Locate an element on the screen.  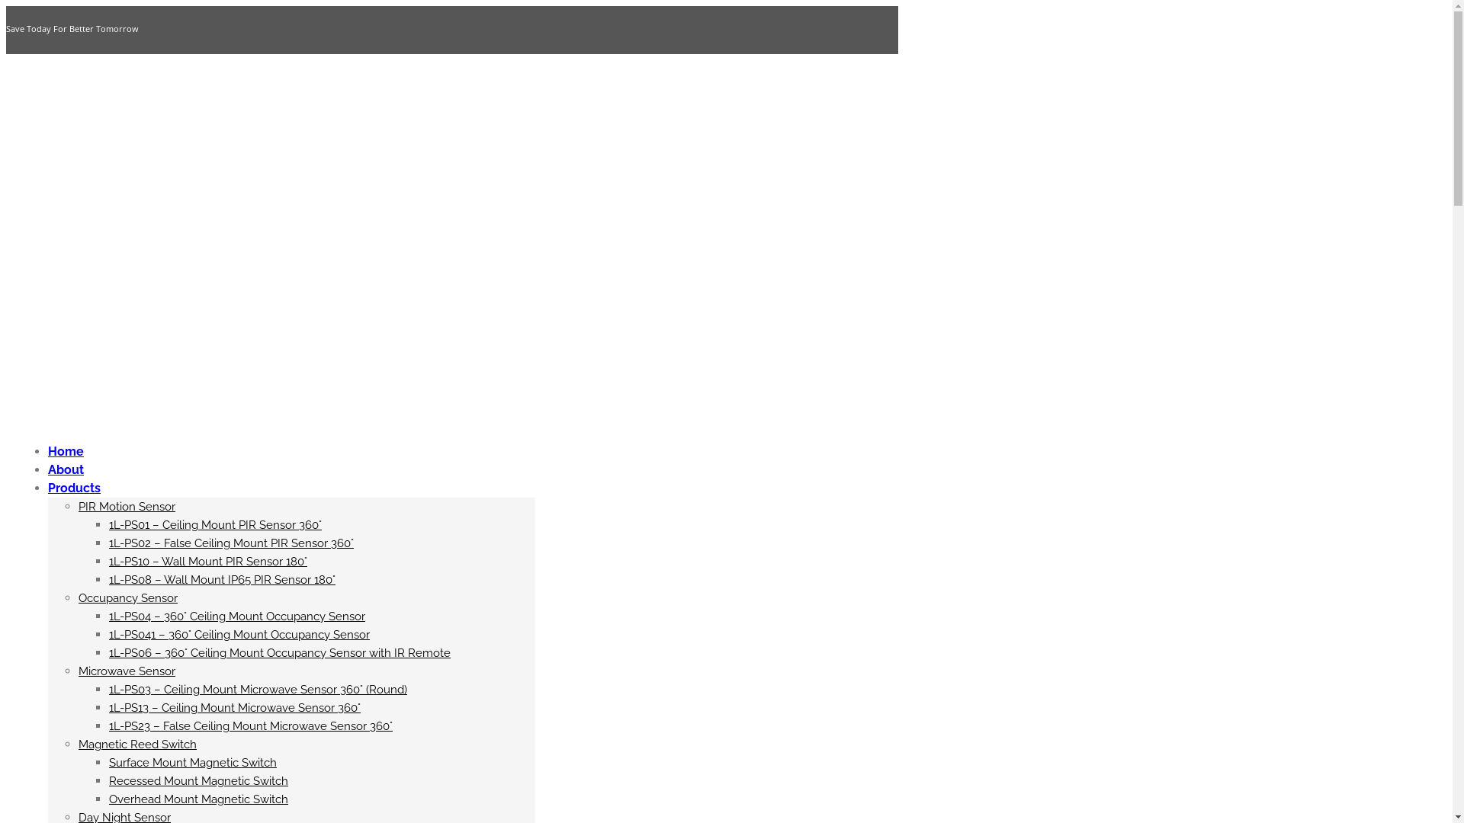
'Overhead Mount Magnetic Switch' is located at coordinates (197, 799).